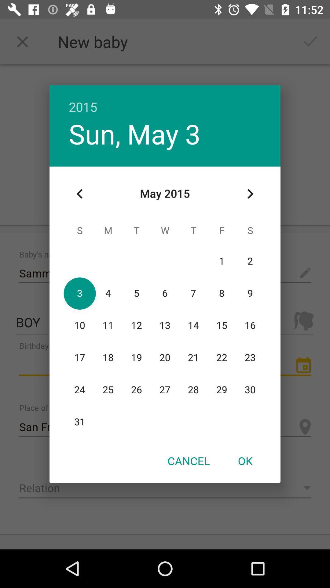 Image resolution: width=330 pixels, height=588 pixels. What do you see at coordinates (245, 461) in the screenshot?
I see `the item to the right of cancel icon` at bounding box center [245, 461].